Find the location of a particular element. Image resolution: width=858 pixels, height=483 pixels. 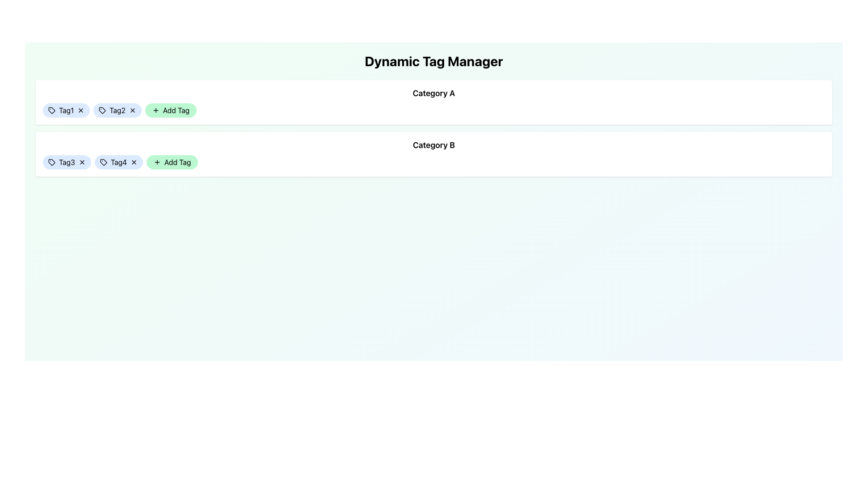

the plus icon within the 'Add Tag' button located to the right of the tag labels 'Tag1' and 'Tag2' in the first row under 'Category A' is located at coordinates (156, 110).